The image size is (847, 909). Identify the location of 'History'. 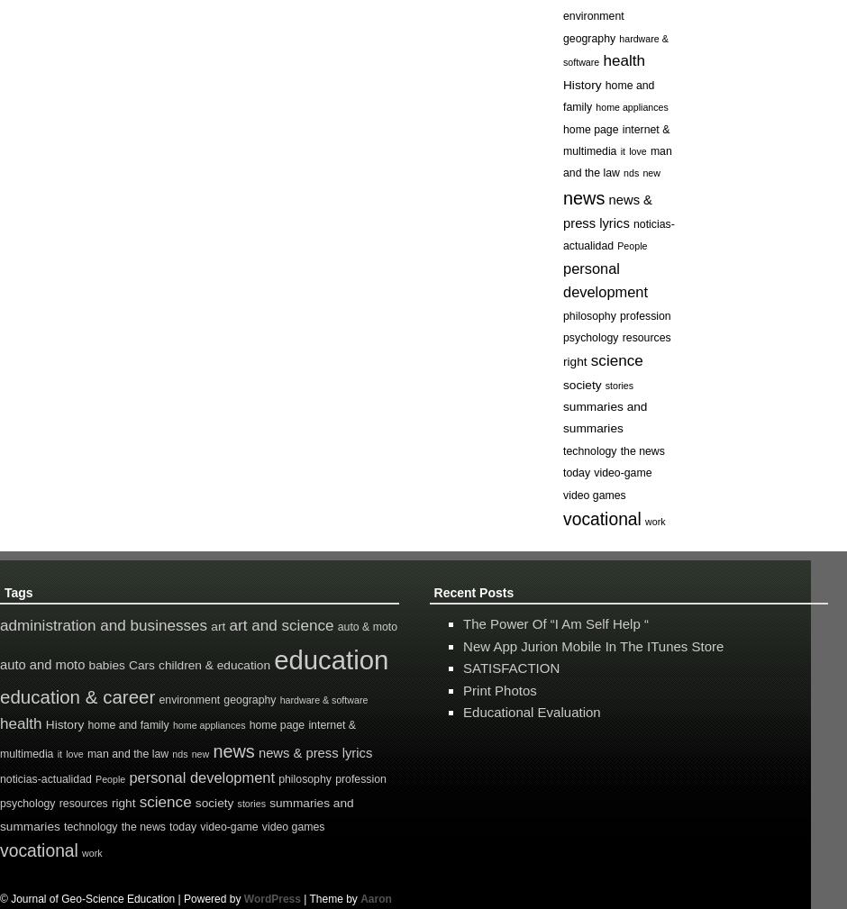
(63, 724).